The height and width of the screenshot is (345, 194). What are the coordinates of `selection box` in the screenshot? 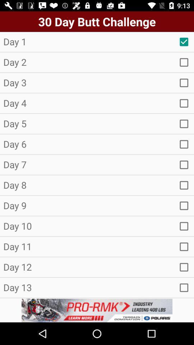 It's located at (184, 42).